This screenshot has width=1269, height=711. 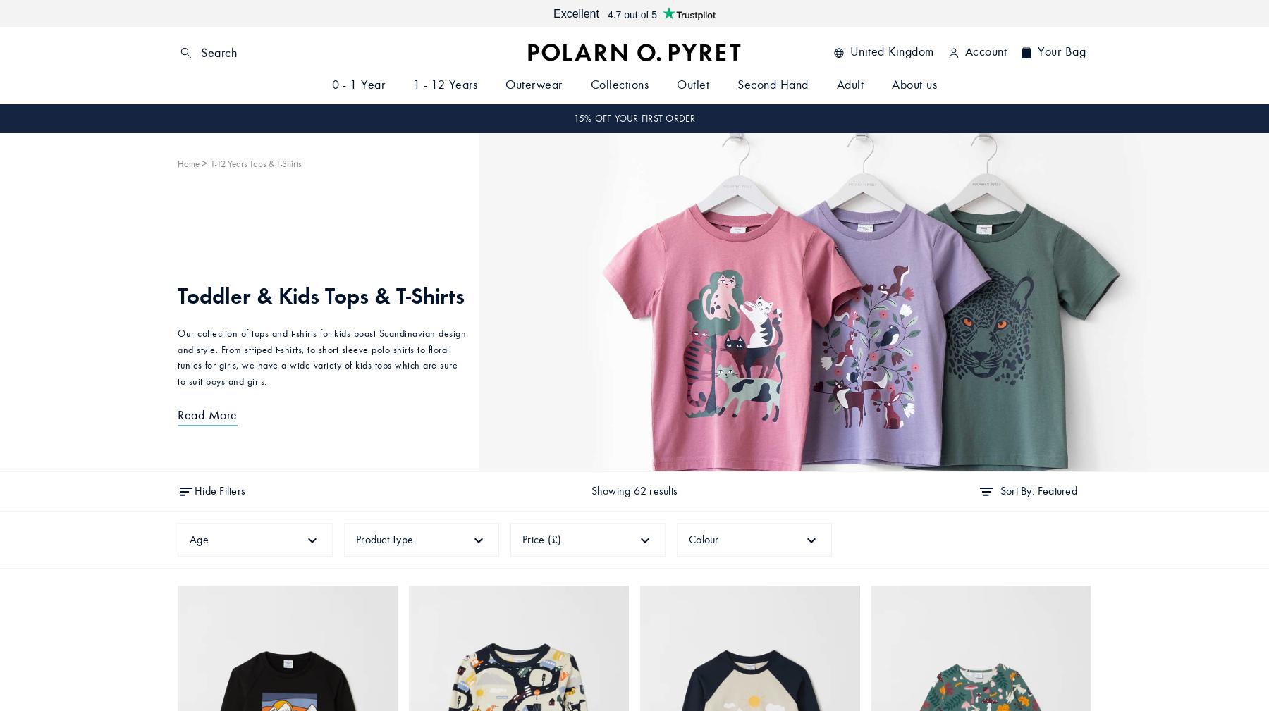 What do you see at coordinates (188, 163) in the screenshot?
I see `'Home'` at bounding box center [188, 163].